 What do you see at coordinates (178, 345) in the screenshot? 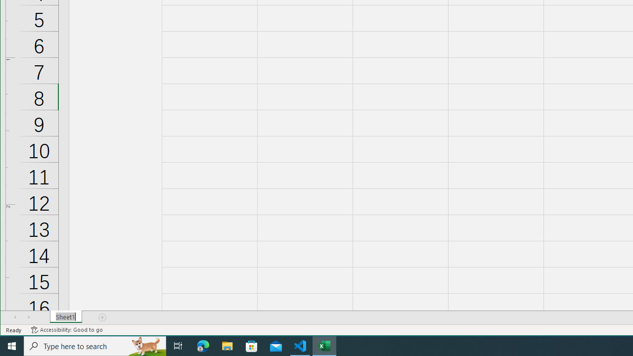
I see `'Task View'` at bounding box center [178, 345].